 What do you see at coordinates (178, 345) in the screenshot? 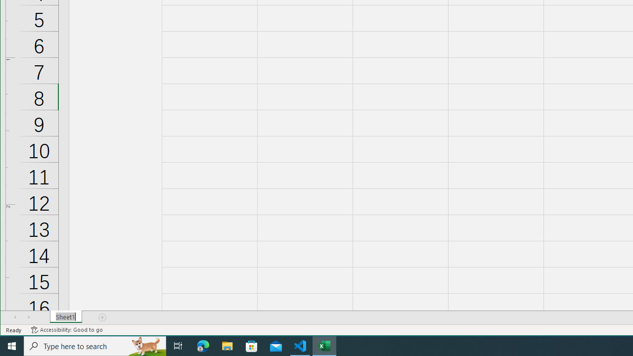
I see `'Task View'` at bounding box center [178, 345].